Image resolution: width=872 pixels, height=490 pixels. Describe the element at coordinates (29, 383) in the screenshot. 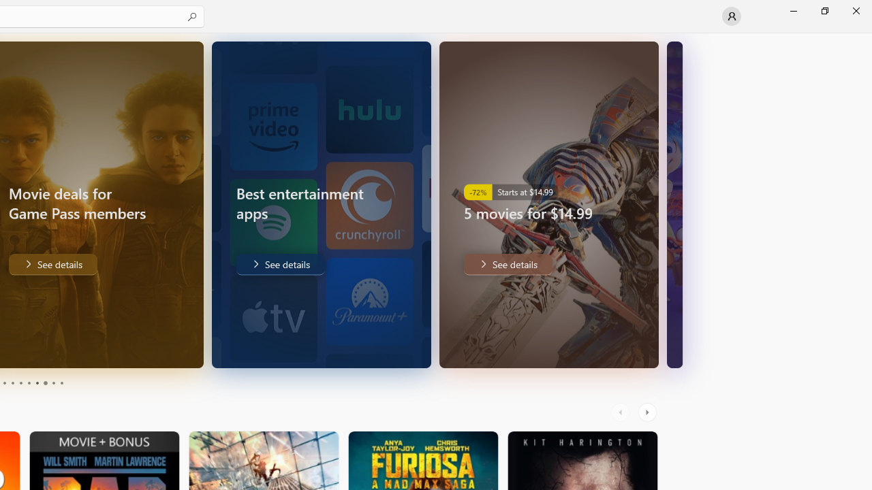

I see `'Page 6'` at that location.